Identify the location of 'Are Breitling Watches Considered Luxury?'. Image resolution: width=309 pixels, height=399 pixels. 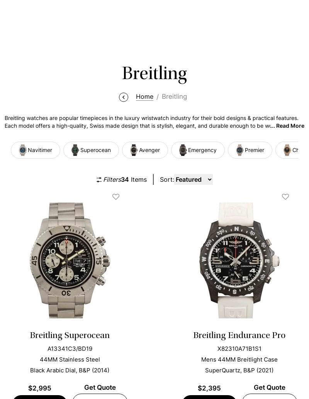
(128, 87).